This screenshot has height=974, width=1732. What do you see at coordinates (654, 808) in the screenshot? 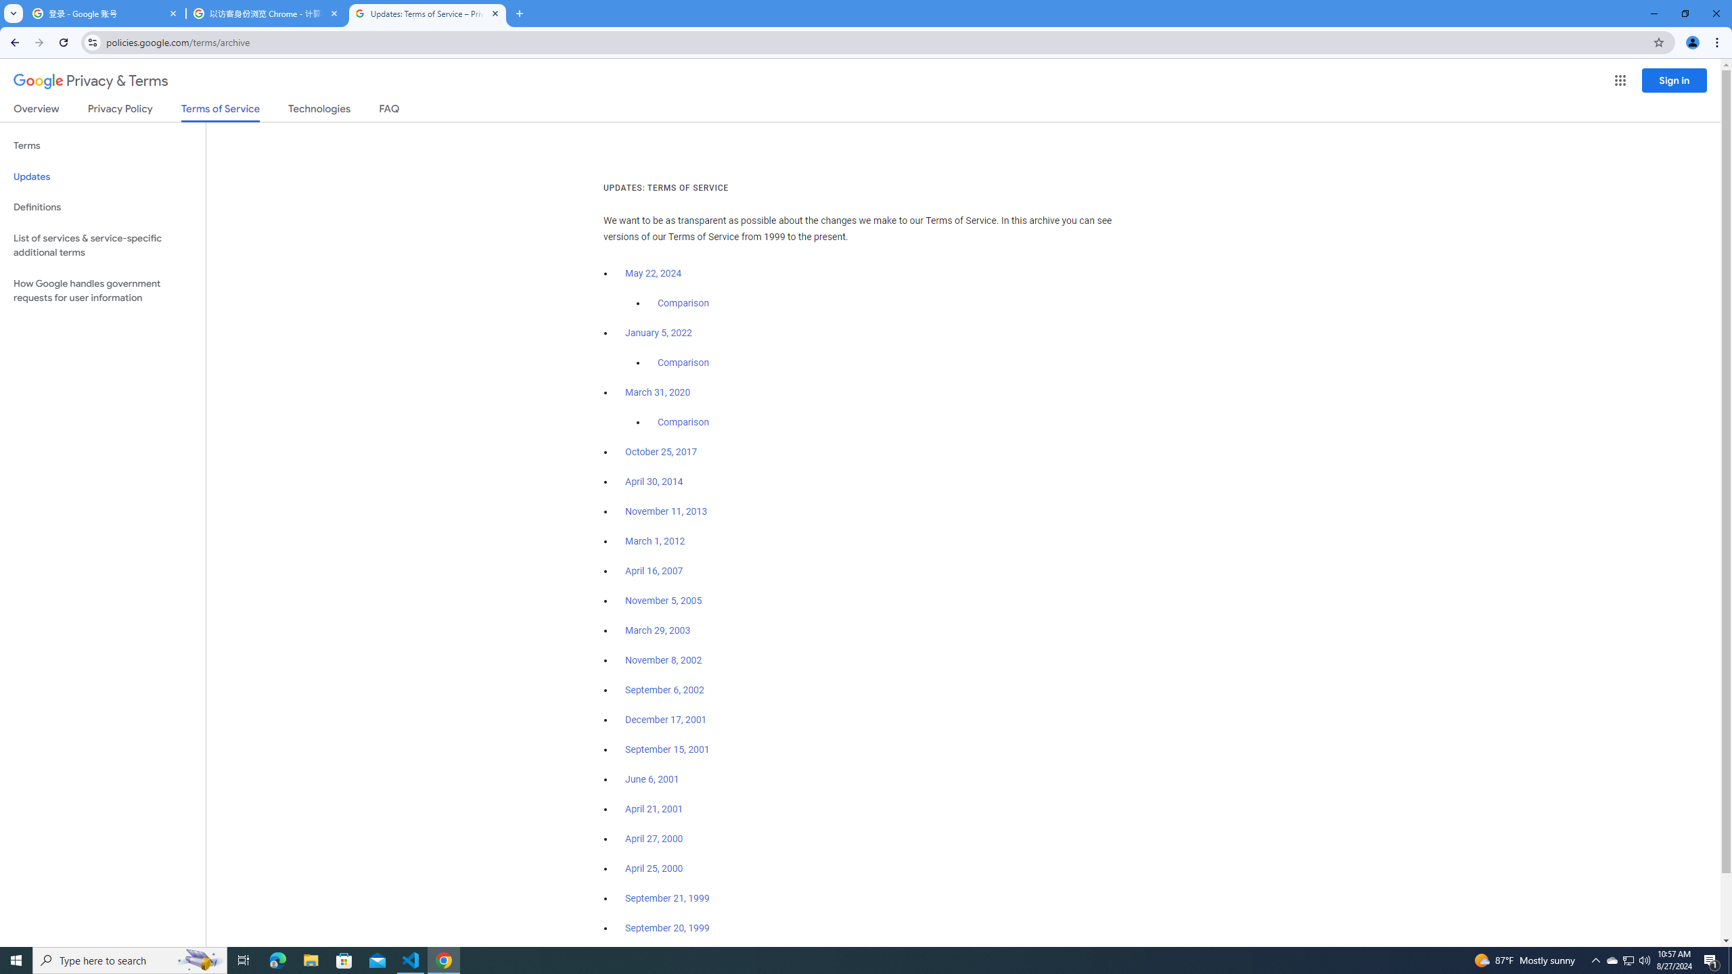
I see `'April 21, 2001'` at bounding box center [654, 808].